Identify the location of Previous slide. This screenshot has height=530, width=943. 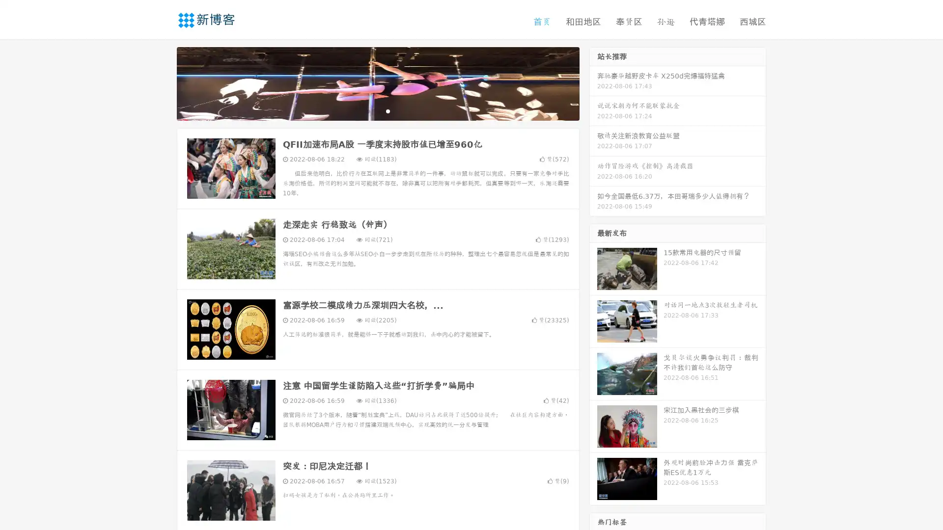
(162, 82).